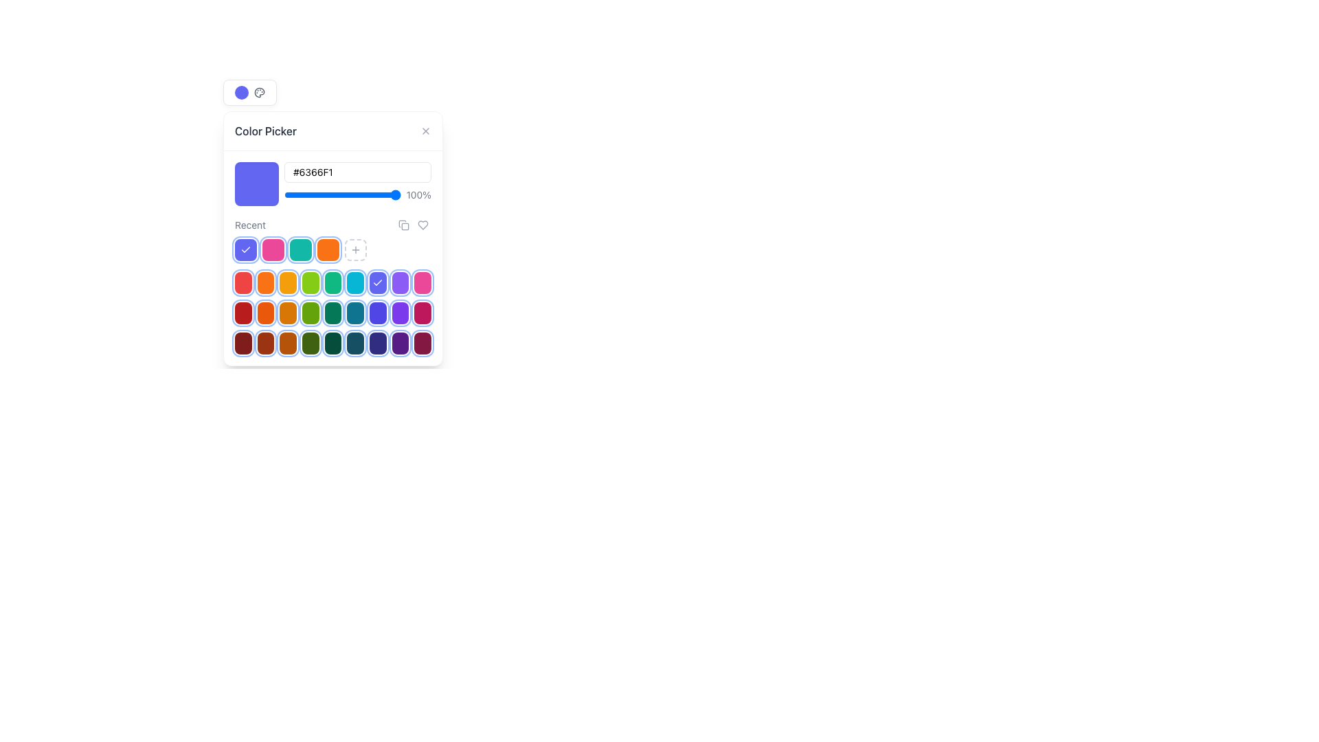 The image size is (1319, 742). What do you see at coordinates (309, 282) in the screenshot?
I see `the color swatch button, which is the fourth element in the first row of the 'Recent' section of the color picker tool` at bounding box center [309, 282].